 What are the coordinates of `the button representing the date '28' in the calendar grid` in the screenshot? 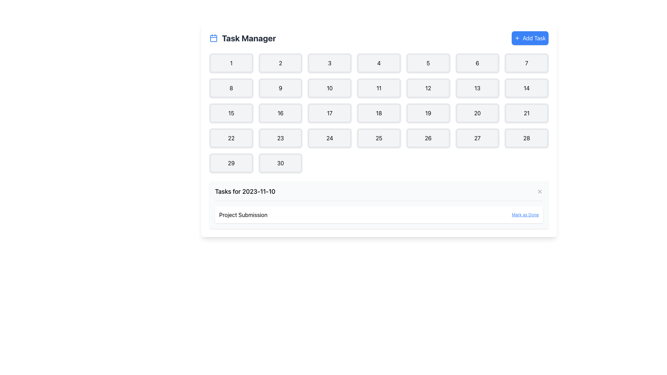 It's located at (527, 138).